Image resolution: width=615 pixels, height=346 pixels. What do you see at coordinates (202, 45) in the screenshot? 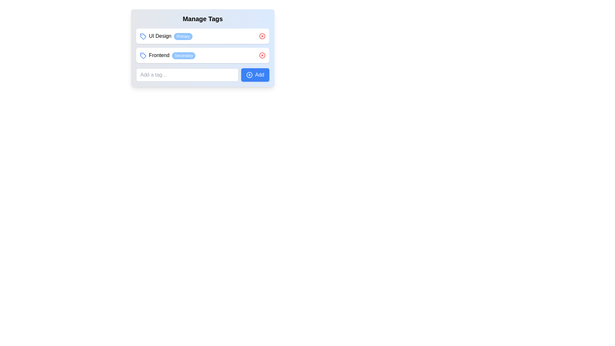
I see `the grouped data rows displaying tags 'UI Design - Primary' and 'Frontend - Secondary'` at bounding box center [202, 45].